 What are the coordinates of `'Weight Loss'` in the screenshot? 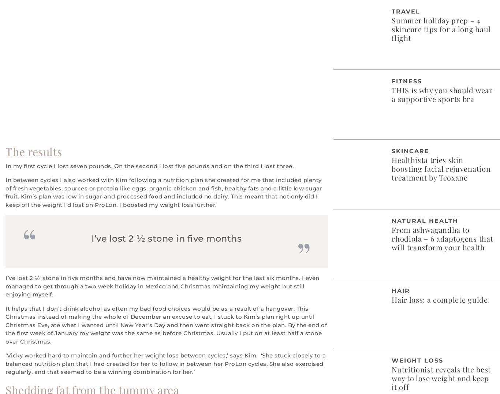 It's located at (417, 360).